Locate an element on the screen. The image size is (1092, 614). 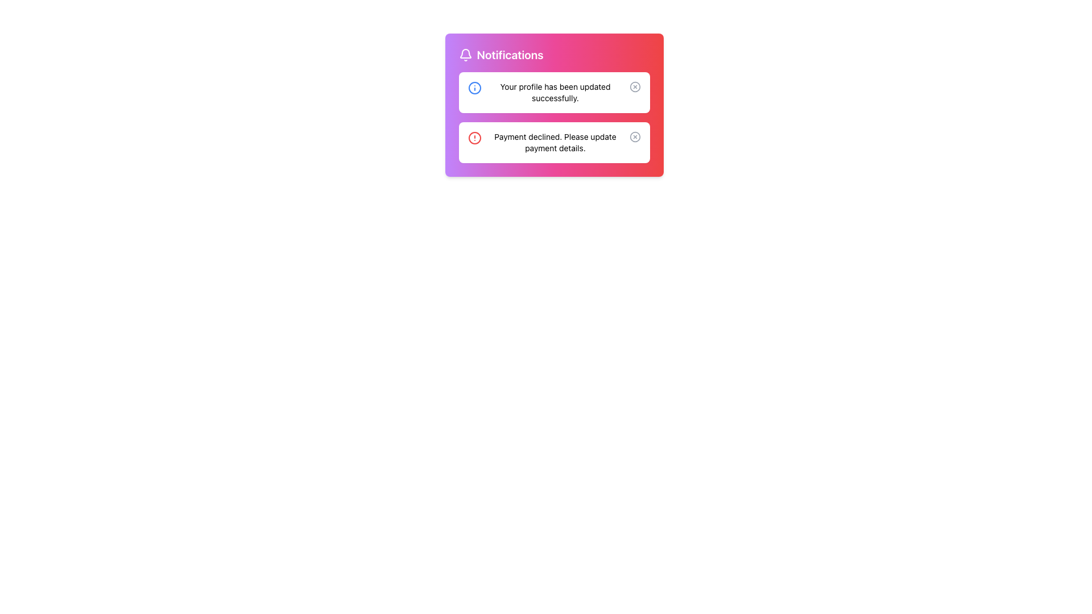
the circular close button for the second notification located at the top-right corner of the notification card is located at coordinates (634, 136).